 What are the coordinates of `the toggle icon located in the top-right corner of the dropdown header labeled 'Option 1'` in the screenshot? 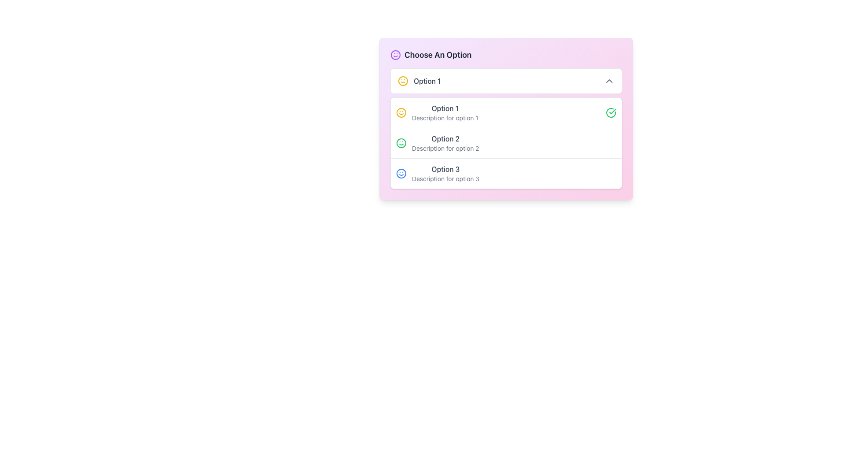 It's located at (609, 81).